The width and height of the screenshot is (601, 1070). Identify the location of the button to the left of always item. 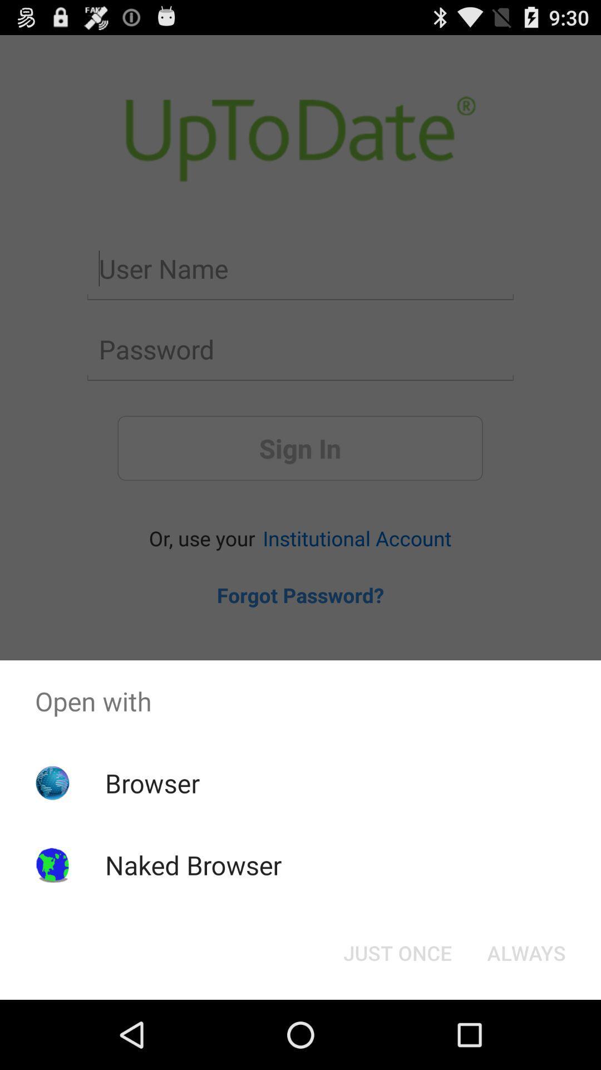
(397, 952).